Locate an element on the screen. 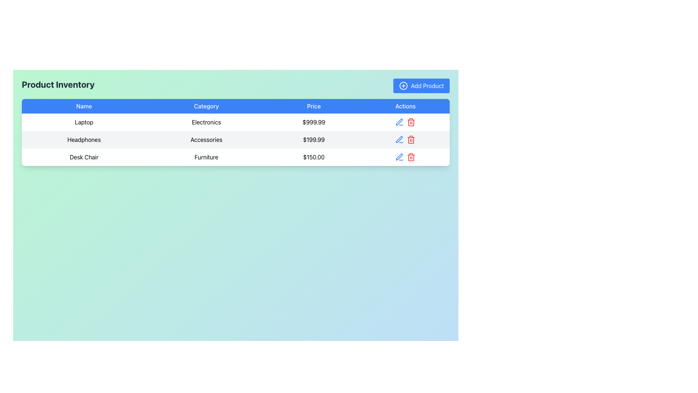  the delete icon located in the 'Actions' column of the table for the product 'Headphones' is located at coordinates (411, 123).